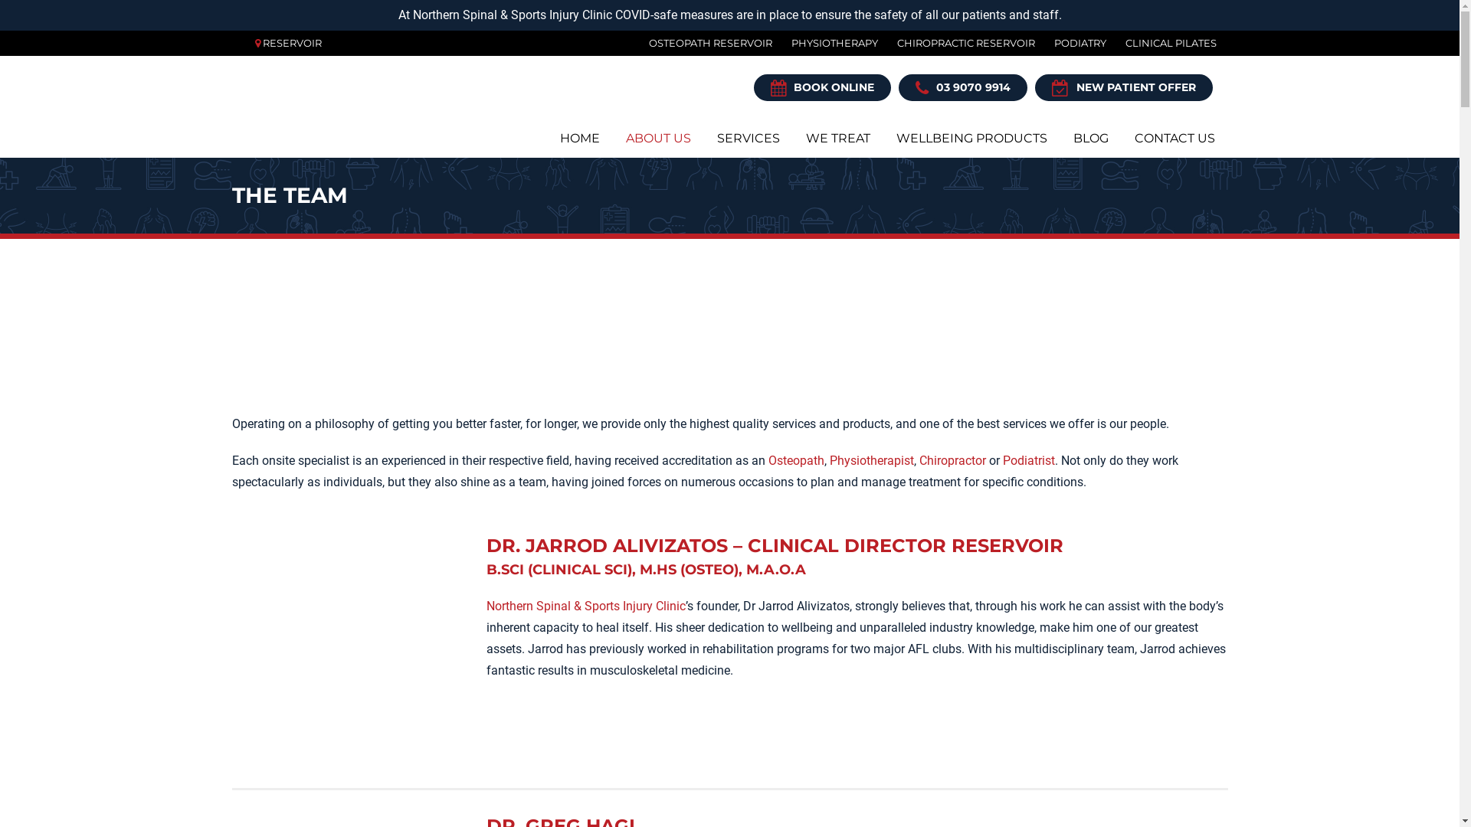 The width and height of the screenshot is (1471, 827). I want to click on 'Northern Spinal & Sports Injury Clinic', so click(585, 605).